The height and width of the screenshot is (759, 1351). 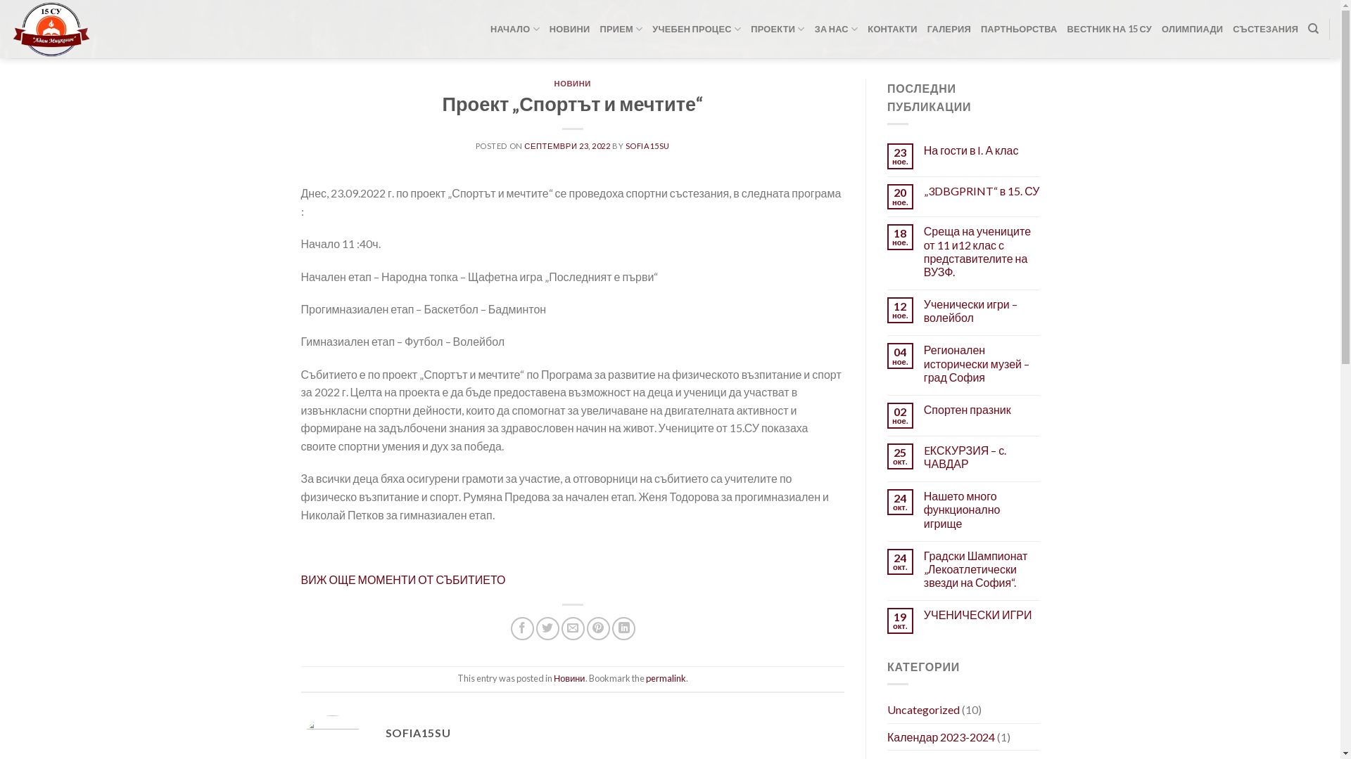 What do you see at coordinates (598, 628) in the screenshot?
I see `'Pin on Pinterest'` at bounding box center [598, 628].